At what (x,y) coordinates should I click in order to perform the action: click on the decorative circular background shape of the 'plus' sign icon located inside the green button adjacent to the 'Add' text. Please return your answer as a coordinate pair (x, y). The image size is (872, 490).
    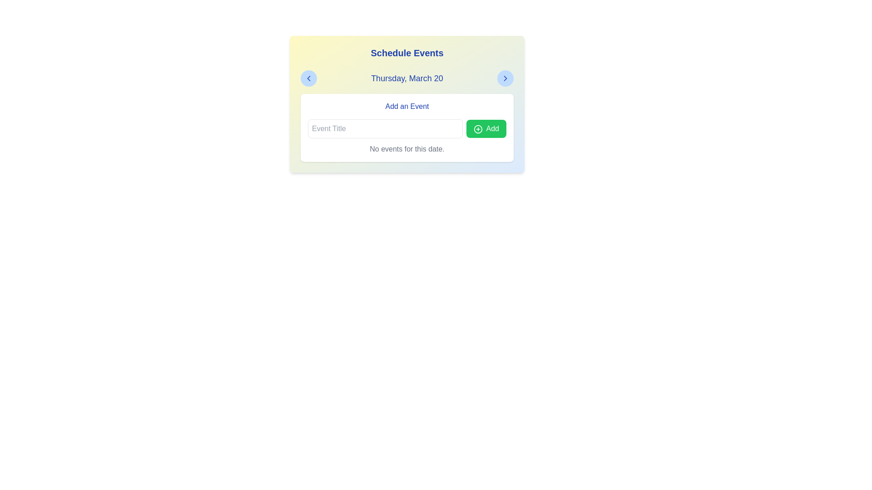
    Looking at the image, I should click on (477, 129).